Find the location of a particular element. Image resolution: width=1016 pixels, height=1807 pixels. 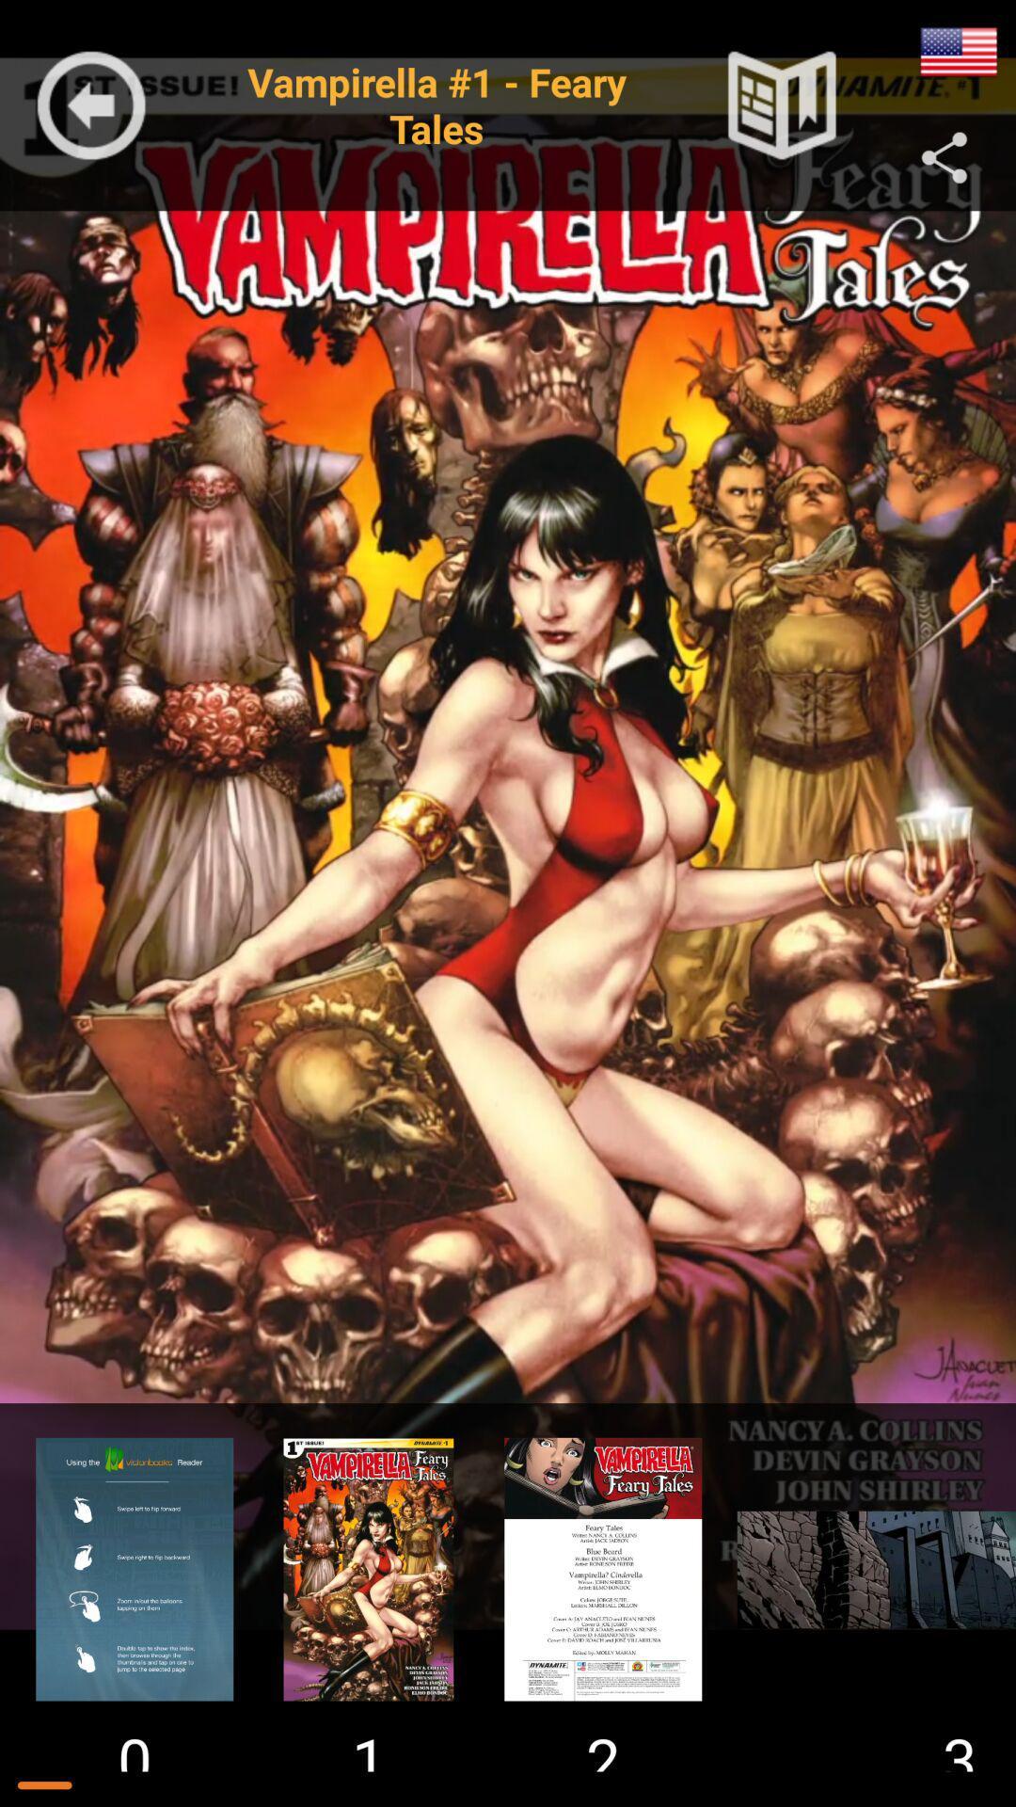

the national_flag icon is located at coordinates (959, 52).